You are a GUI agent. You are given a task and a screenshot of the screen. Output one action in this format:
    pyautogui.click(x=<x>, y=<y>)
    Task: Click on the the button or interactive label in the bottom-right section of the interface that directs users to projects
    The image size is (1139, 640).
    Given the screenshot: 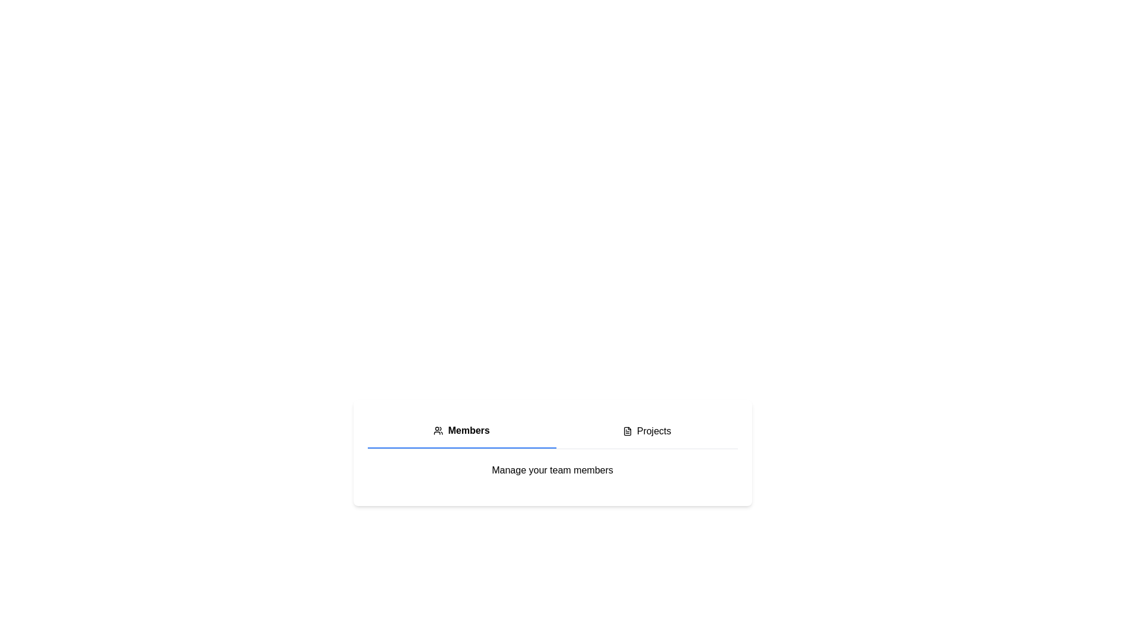 What is the action you would take?
    pyautogui.click(x=646, y=431)
    